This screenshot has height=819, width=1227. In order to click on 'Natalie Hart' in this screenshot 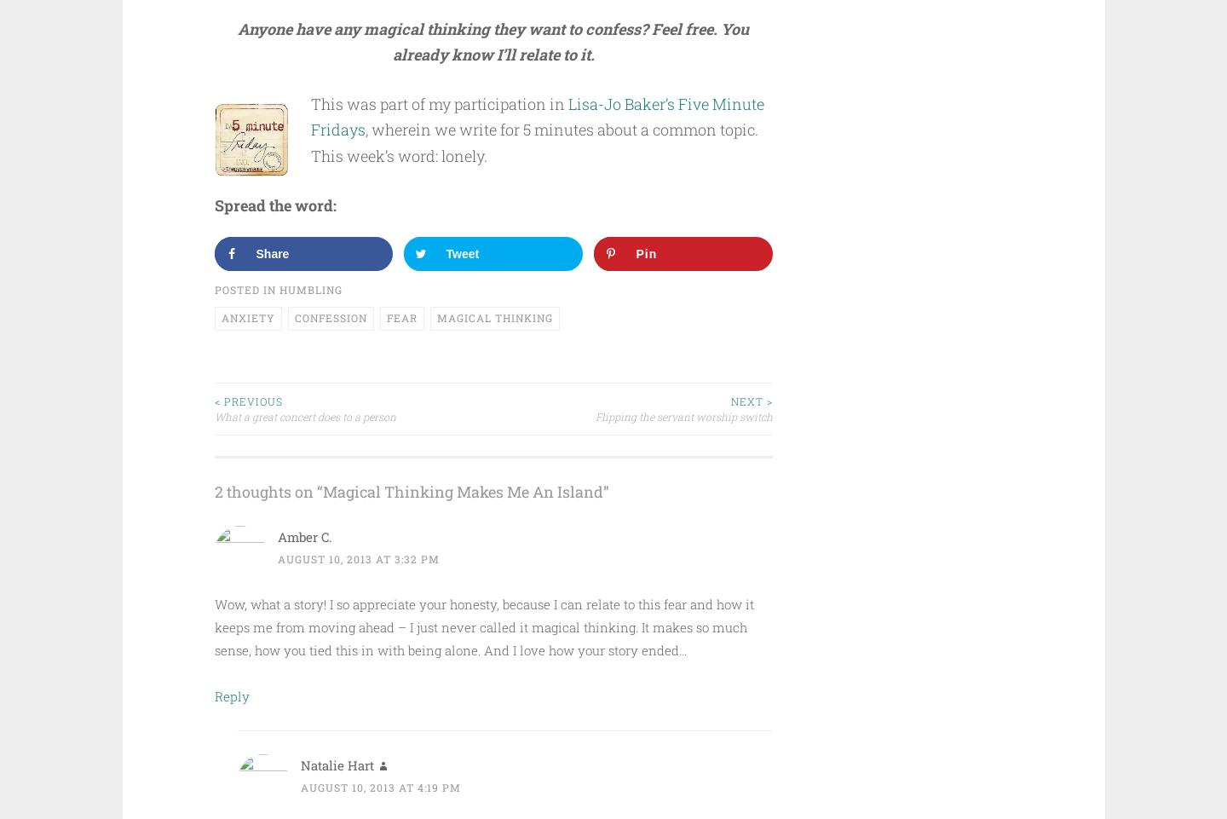, I will do `click(335, 764)`.